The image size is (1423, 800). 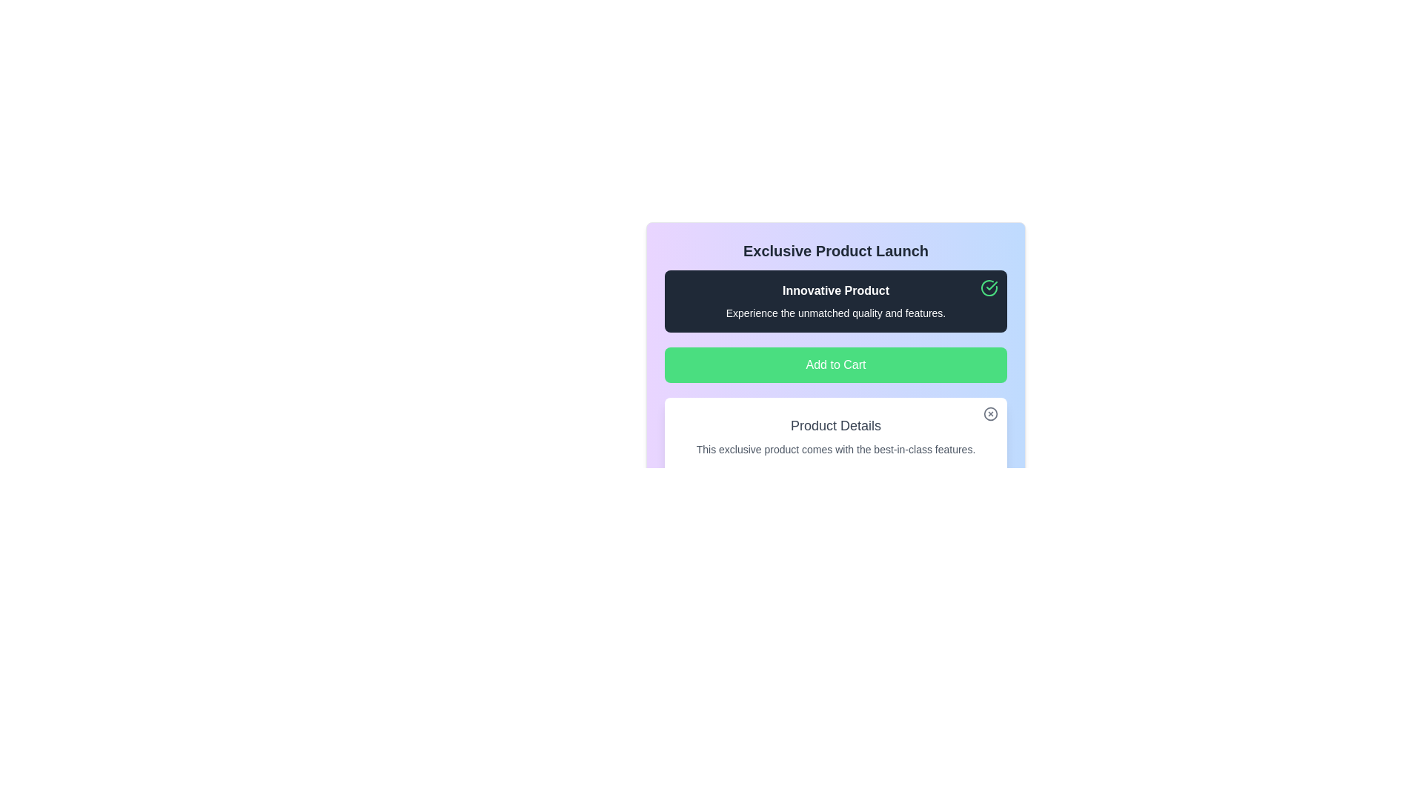 What do you see at coordinates (836, 365) in the screenshot?
I see `the green rectangular 'Add to Cart' button with rounded corners located centrally below the 'Innovative Product' section to initiate the action` at bounding box center [836, 365].